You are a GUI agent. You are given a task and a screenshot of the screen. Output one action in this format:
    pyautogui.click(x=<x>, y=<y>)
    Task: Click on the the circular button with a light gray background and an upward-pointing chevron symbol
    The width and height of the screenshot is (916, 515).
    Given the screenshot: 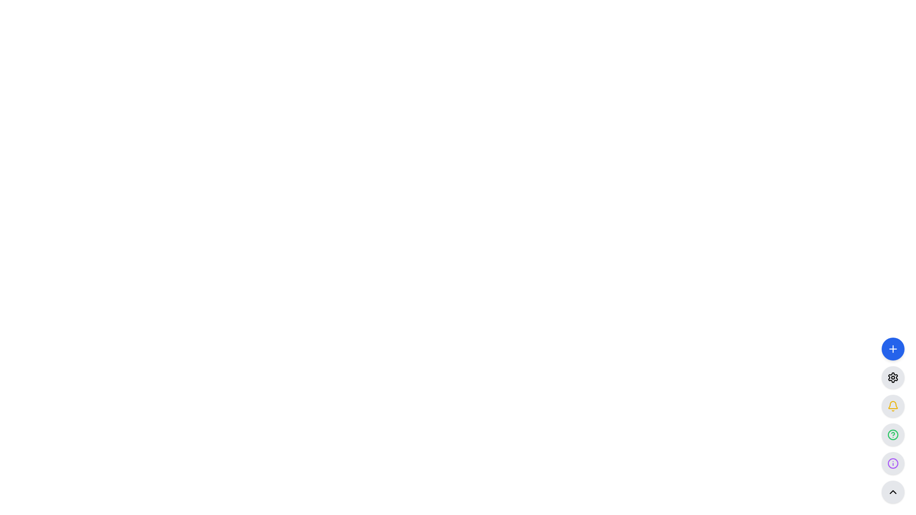 What is the action you would take?
    pyautogui.click(x=893, y=492)
    